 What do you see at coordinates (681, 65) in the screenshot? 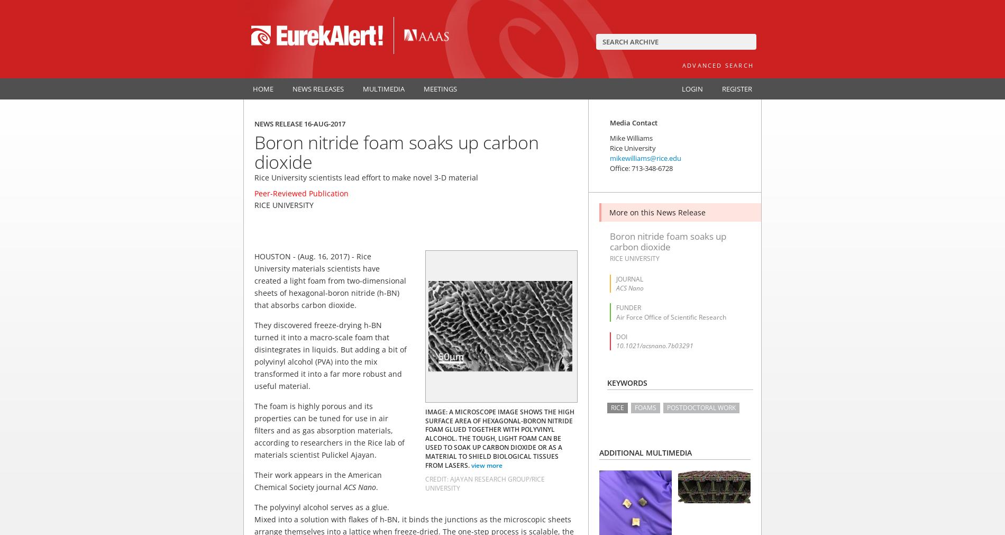
I see `'Advanced Search'` at bounding box center [681, 65].